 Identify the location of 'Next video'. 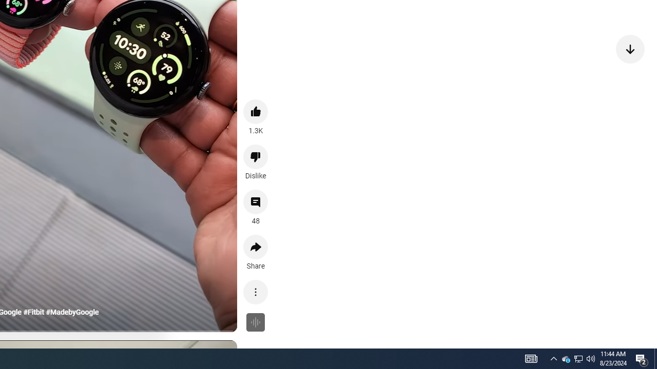
(630, 49).